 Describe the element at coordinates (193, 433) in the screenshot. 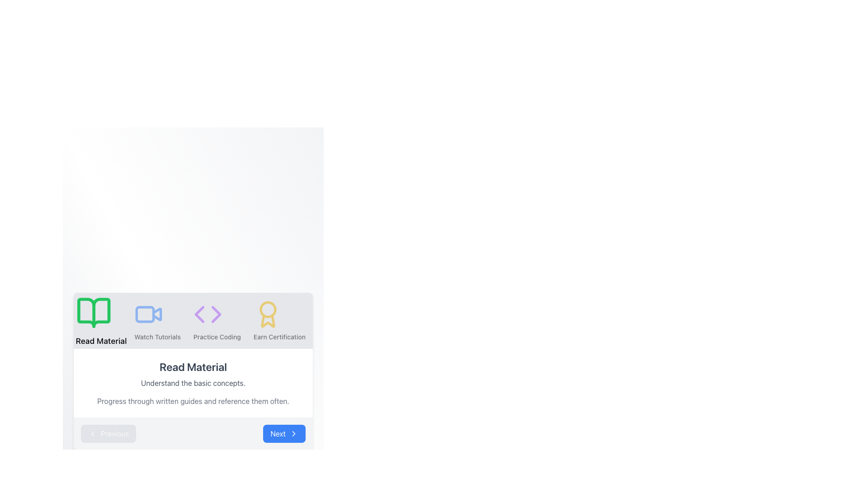

I see `the 'Next' button on the Navigation Control Bar to proceed to the next step or page` at that location.